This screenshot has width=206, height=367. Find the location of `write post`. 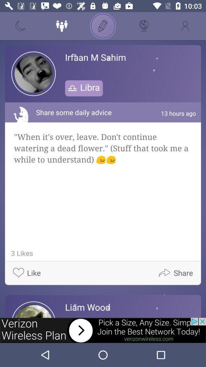

write post is located at coordinates (103, 26).